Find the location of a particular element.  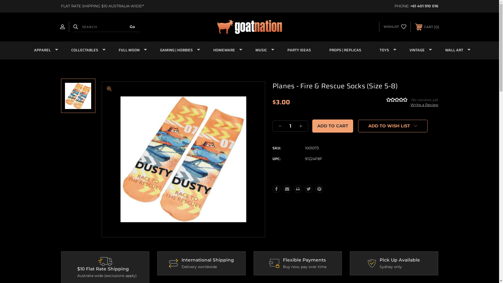

'International Shipping' is located at coordinates (173, 263).